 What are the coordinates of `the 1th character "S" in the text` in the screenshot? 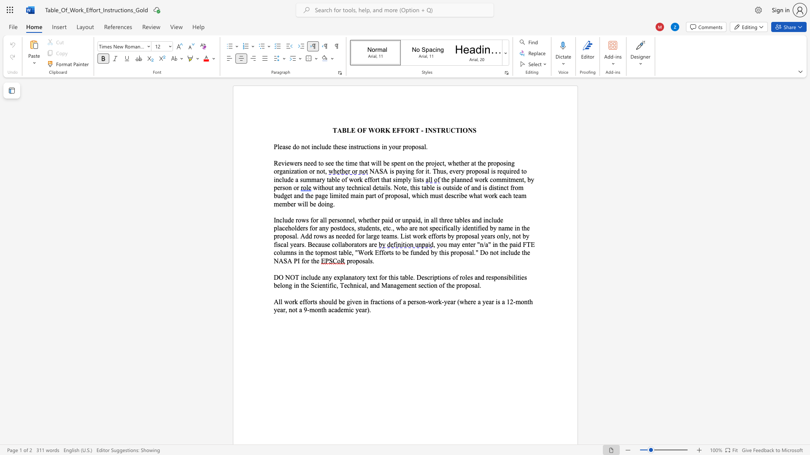 It's located at (381, 171).